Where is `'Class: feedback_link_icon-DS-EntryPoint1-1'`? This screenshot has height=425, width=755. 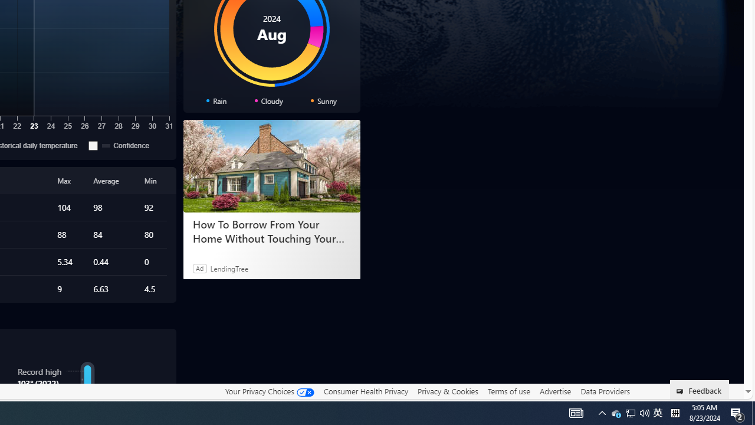 'Class: feedback_link_icon-DS-EntryPoint1-1' is located at coordinates (682, 391).